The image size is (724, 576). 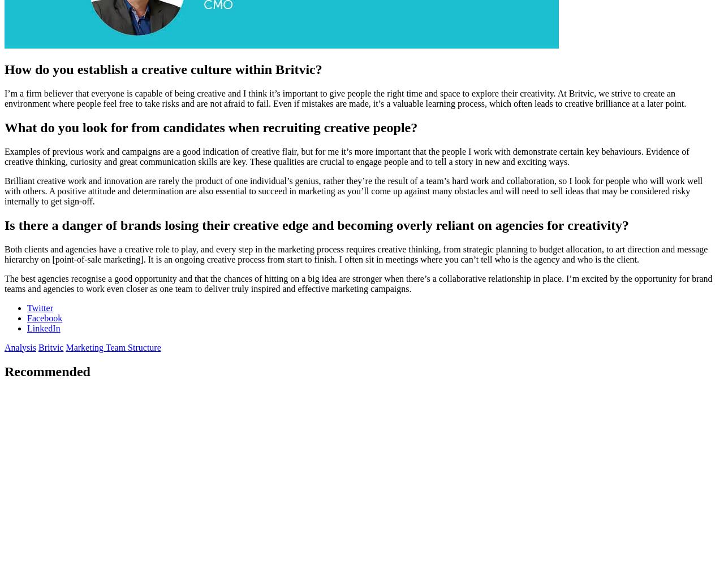 I want to click on 'What do you look for from candidates when recruiting creative people?', so click(x=210, y=127).